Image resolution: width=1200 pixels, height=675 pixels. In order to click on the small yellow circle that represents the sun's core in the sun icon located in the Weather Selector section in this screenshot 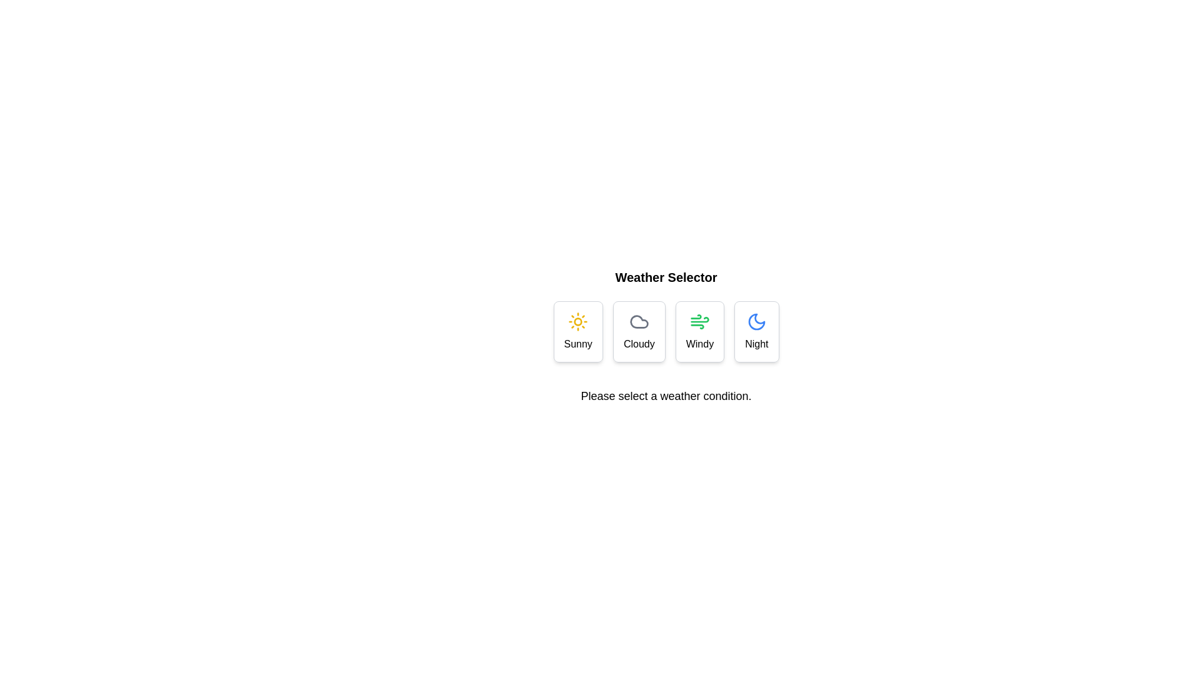, I will do `click(577, 321)`.